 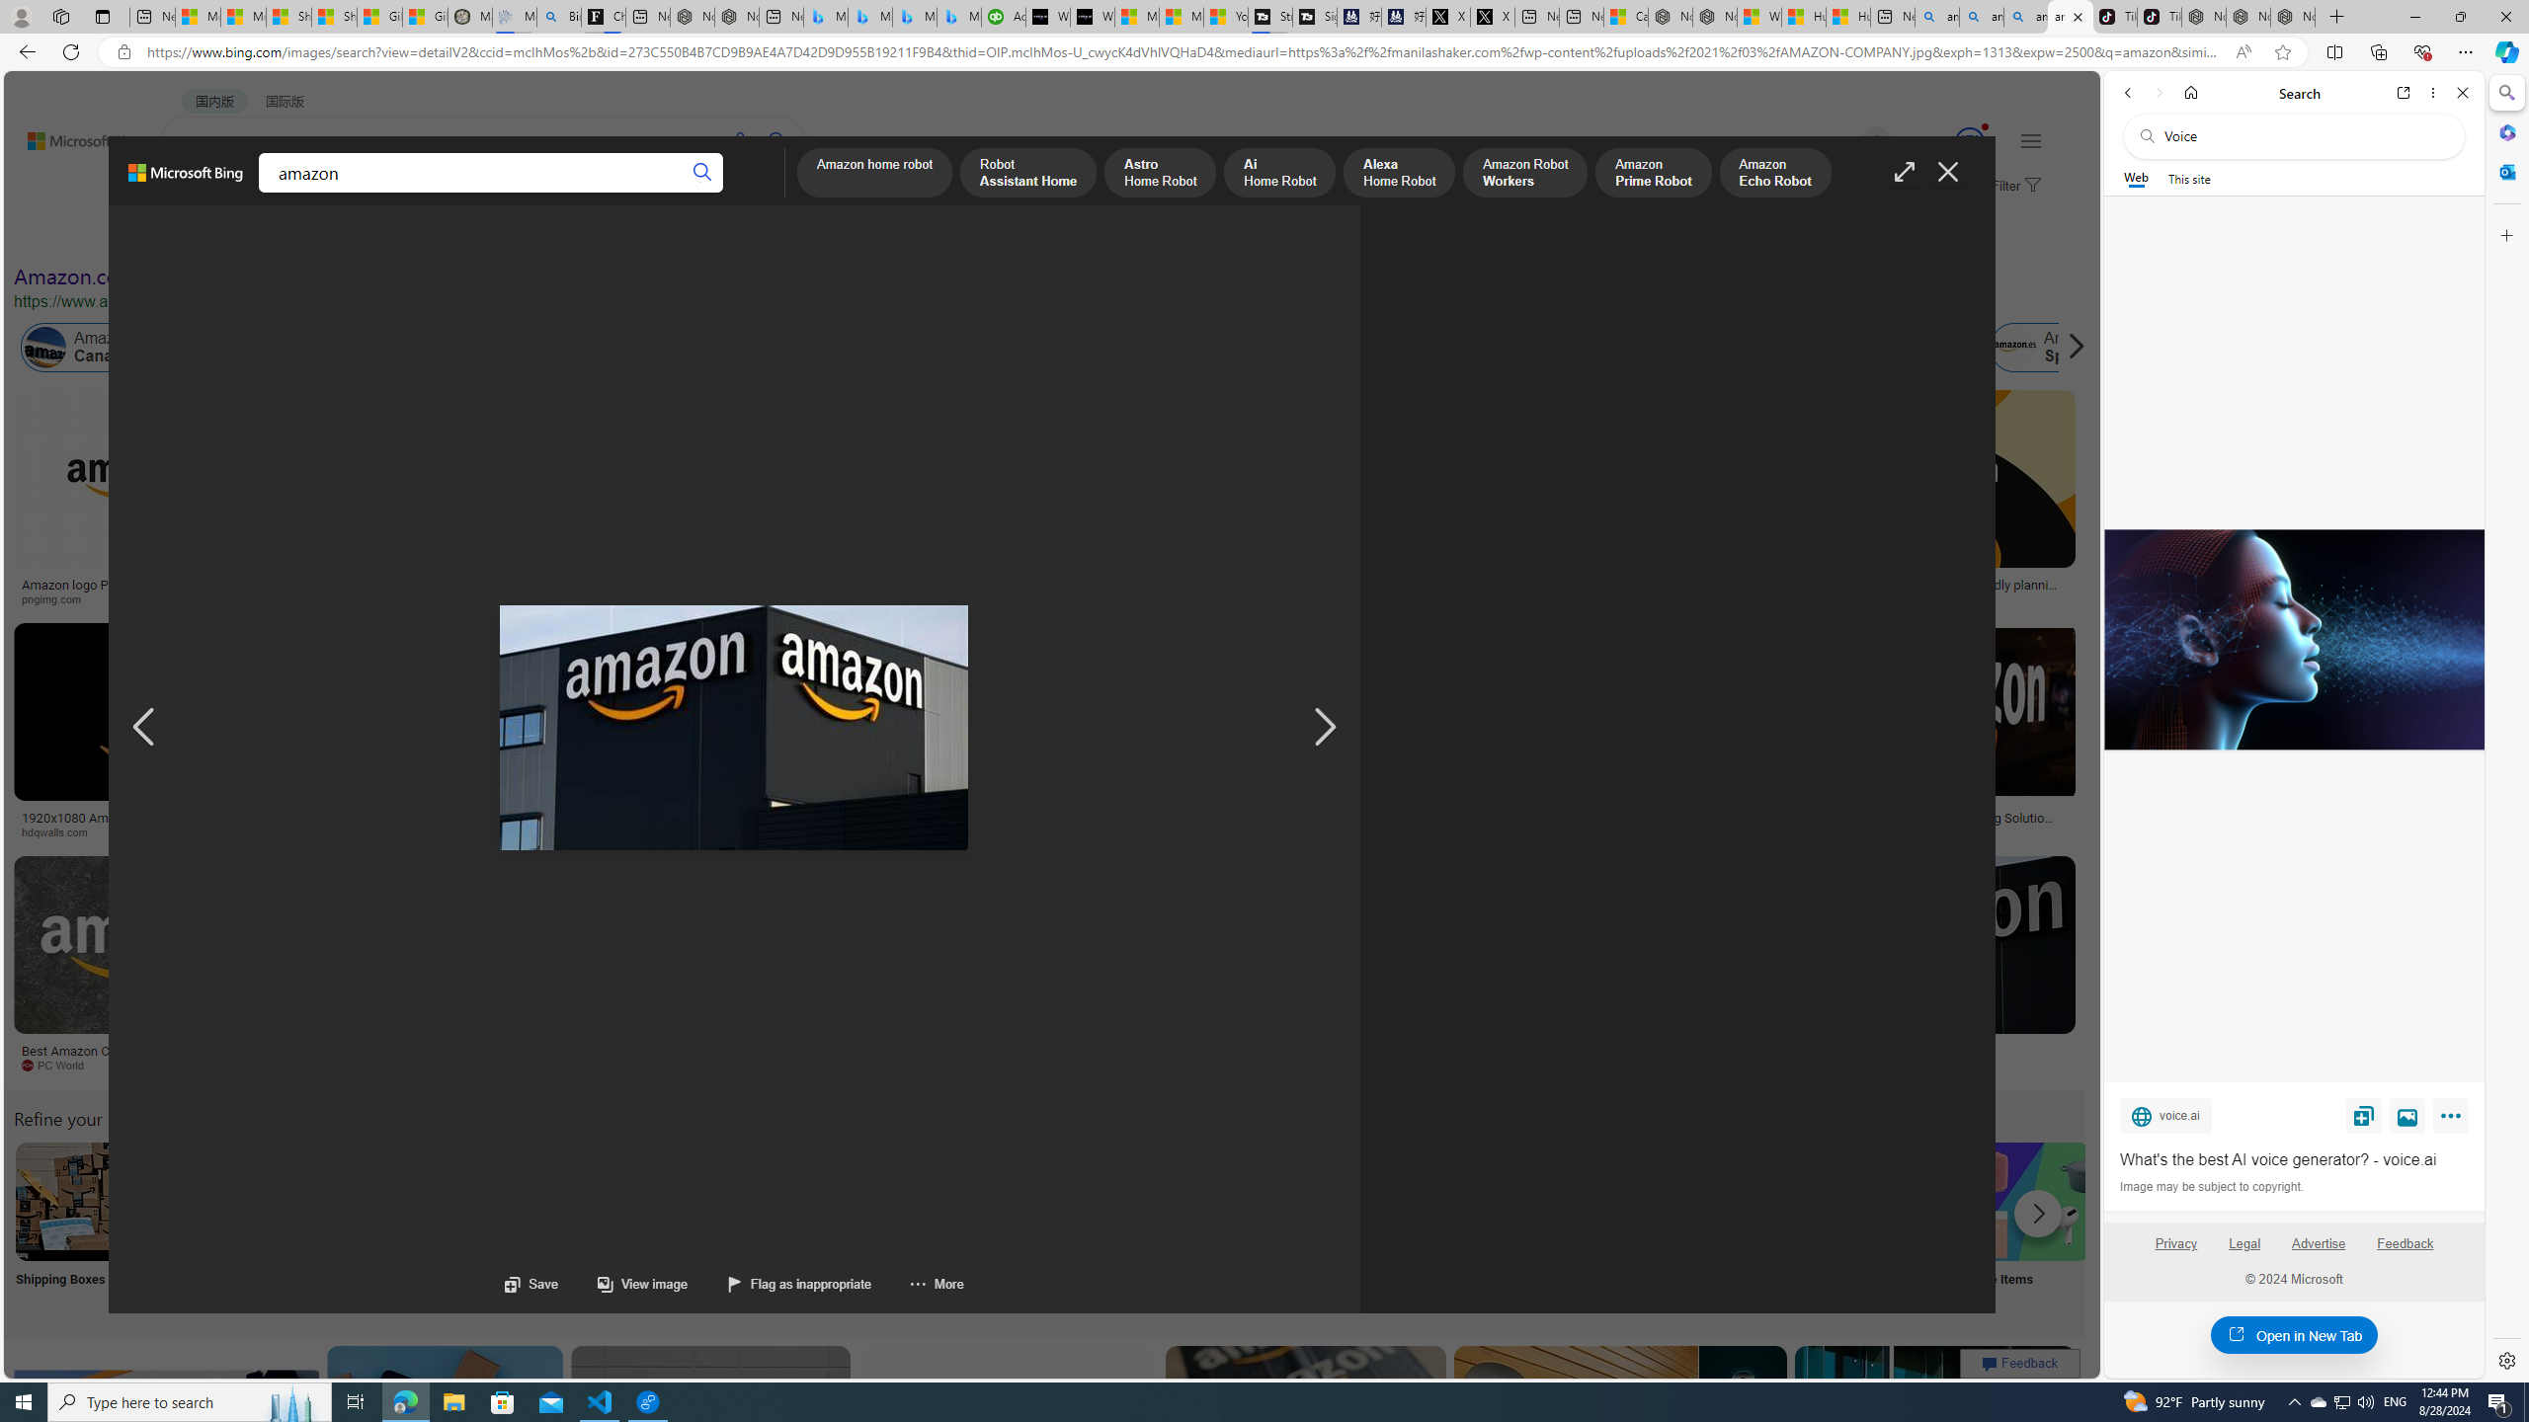 I want to click on 'Settings and more (Alt+F)', so click(x=2465, y=50).